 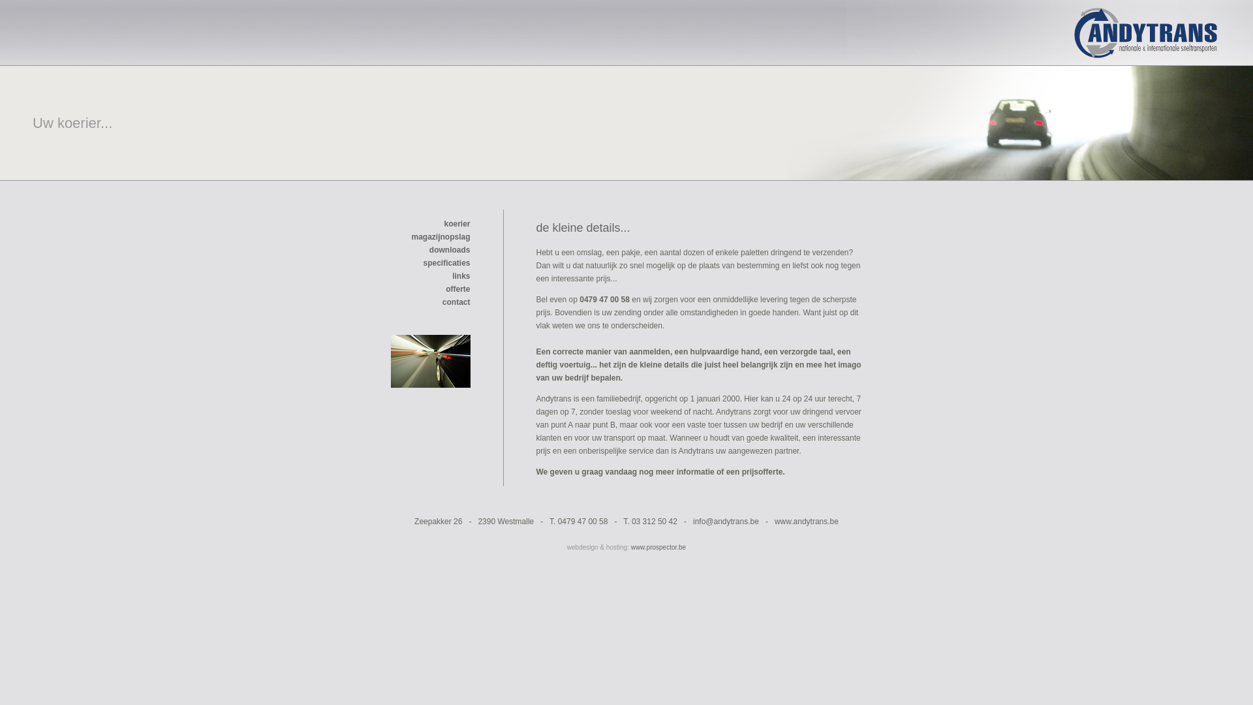 I want to click on 'www.prospector.be', so click(x=658, y=547).